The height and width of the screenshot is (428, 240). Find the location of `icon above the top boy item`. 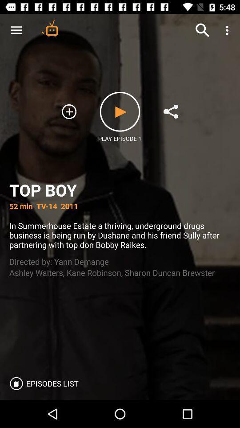

icon above the top boy item is located at coordinates (68, 111).